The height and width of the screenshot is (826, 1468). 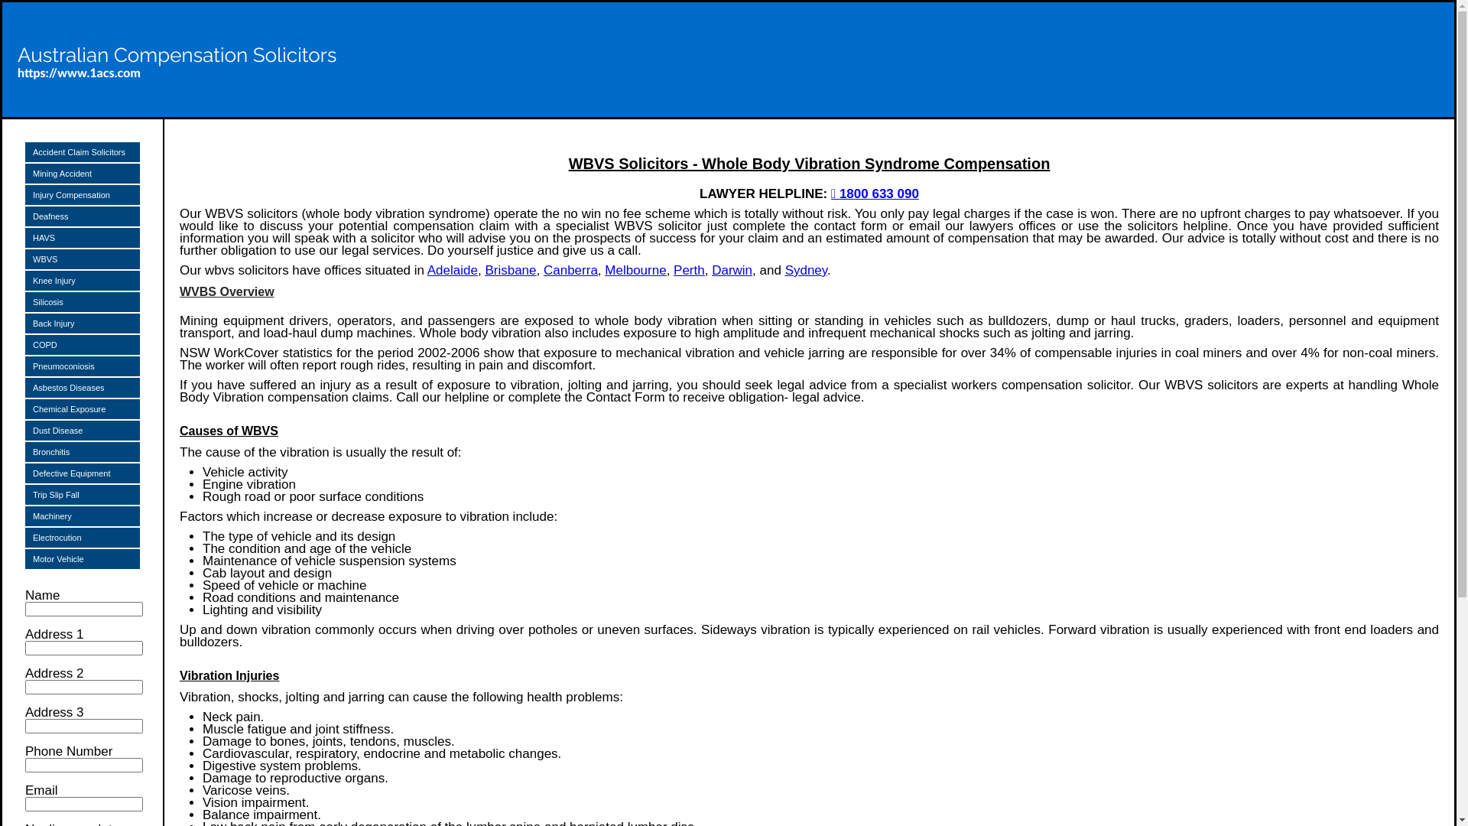 I want to click on 'Motor Vehicle', so click(x=25, y=559).